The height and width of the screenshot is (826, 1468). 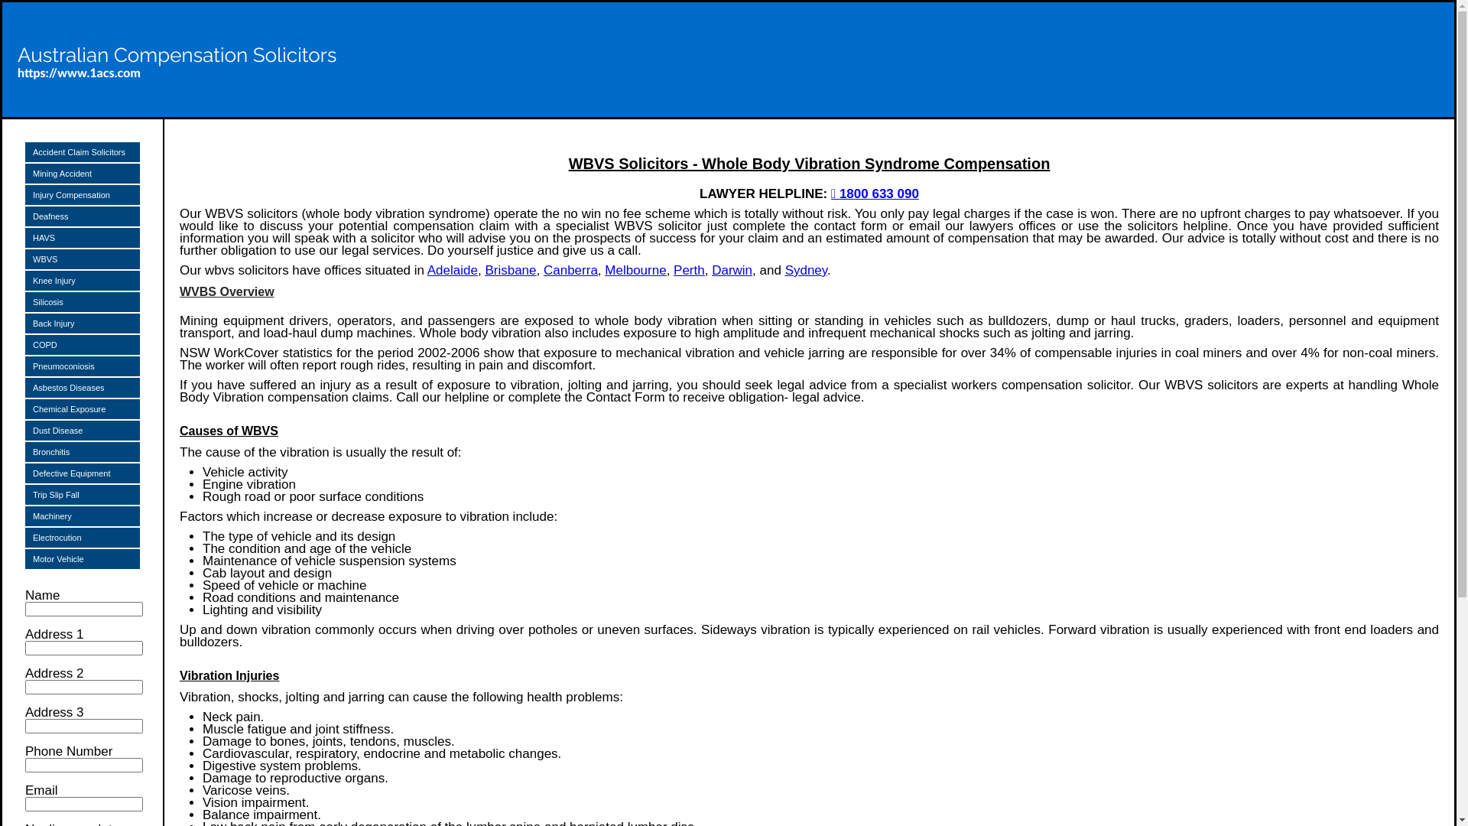 I want to click on 'Motor Vehicle', so click(x=25, y=559).